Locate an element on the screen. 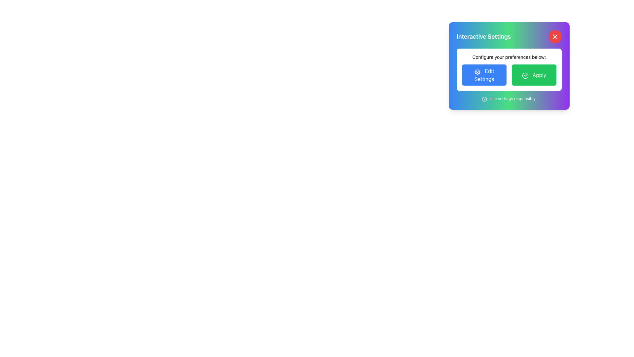 This screenshot has width=634, height=357. the 'Edit Settings' button with a bright blue background and a gear icon to initiate the settings editing process is located at coordinates (484, 75).